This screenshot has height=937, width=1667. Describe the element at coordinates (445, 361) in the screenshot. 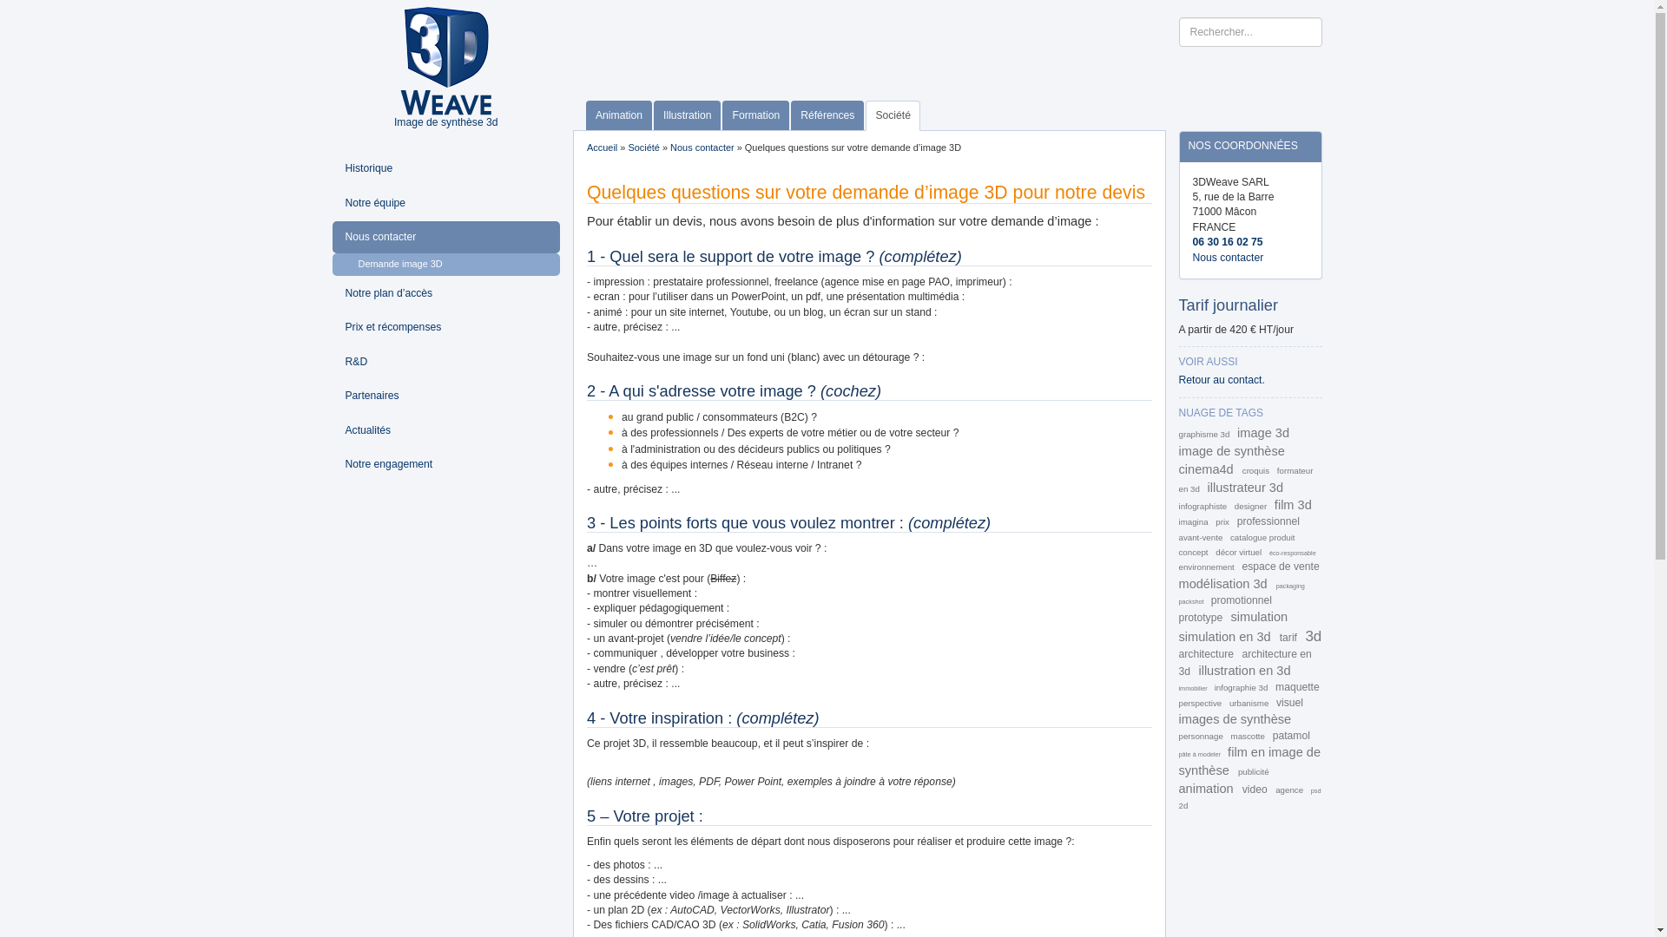

I see `'R&D'` at that location.